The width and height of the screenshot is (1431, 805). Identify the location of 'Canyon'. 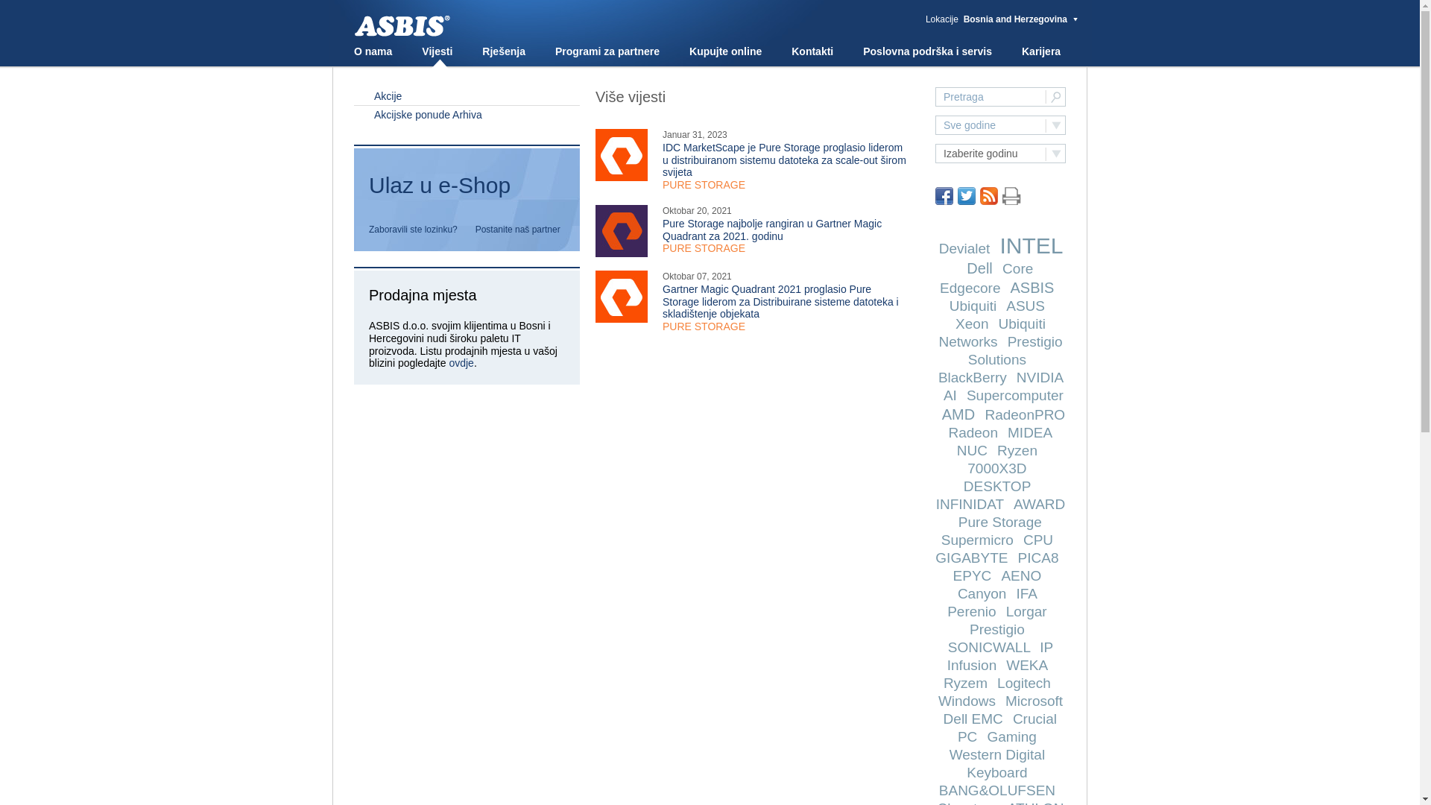
(958, 593).